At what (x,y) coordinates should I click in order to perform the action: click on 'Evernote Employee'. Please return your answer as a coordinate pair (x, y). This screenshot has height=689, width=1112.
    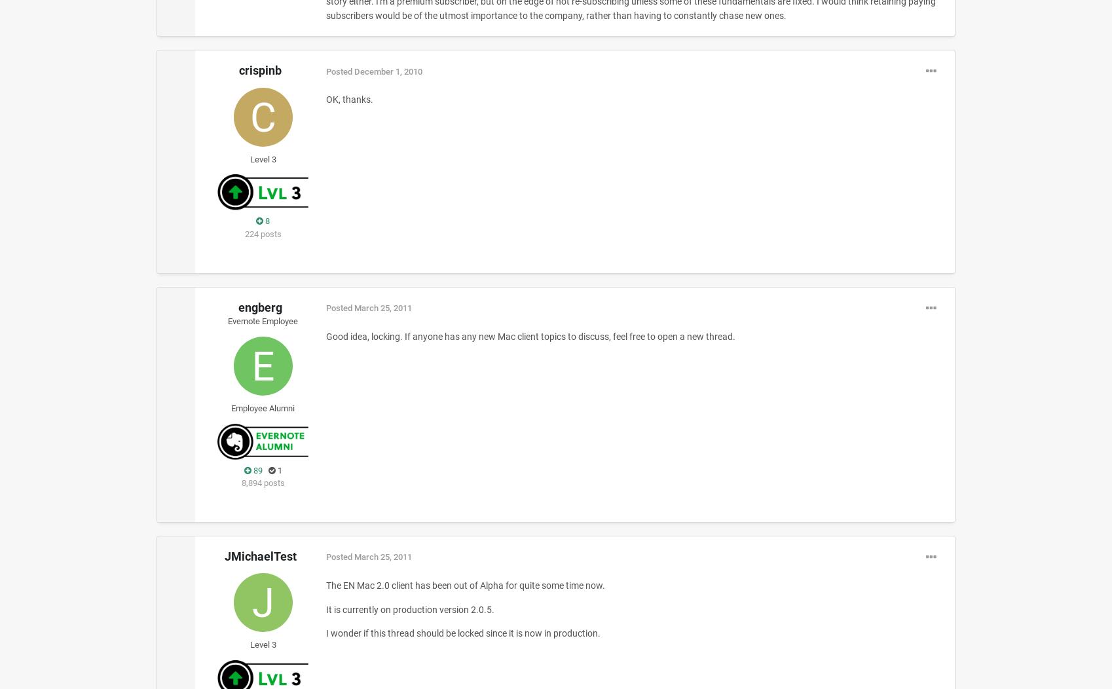
    Looking at the image, I should click on (263, 320).